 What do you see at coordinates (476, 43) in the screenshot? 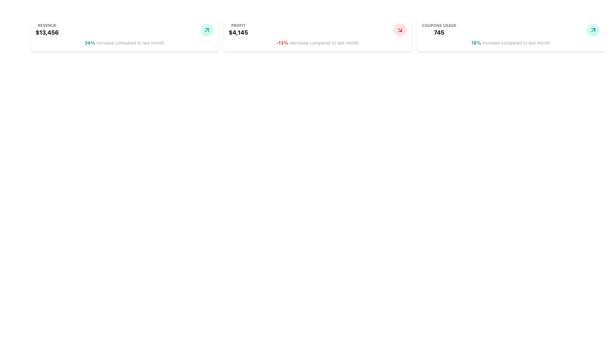
I see `value of the text label displaying '18%' which is styled in bold teal color and located within the 'Coupons Usage' card, below the number '745'` at bounding box center [476, 43].